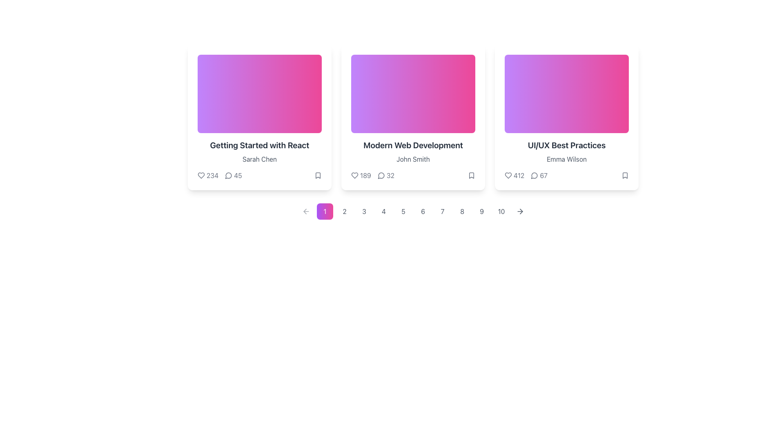  What do you see at coordinates (403, 211) in the screenshot?
I see `the circular button with a light gray background and the number '5' centered in gray text, which is the fifth button in the pagination control series, for a visual style change` at bounding box center [403, 211].